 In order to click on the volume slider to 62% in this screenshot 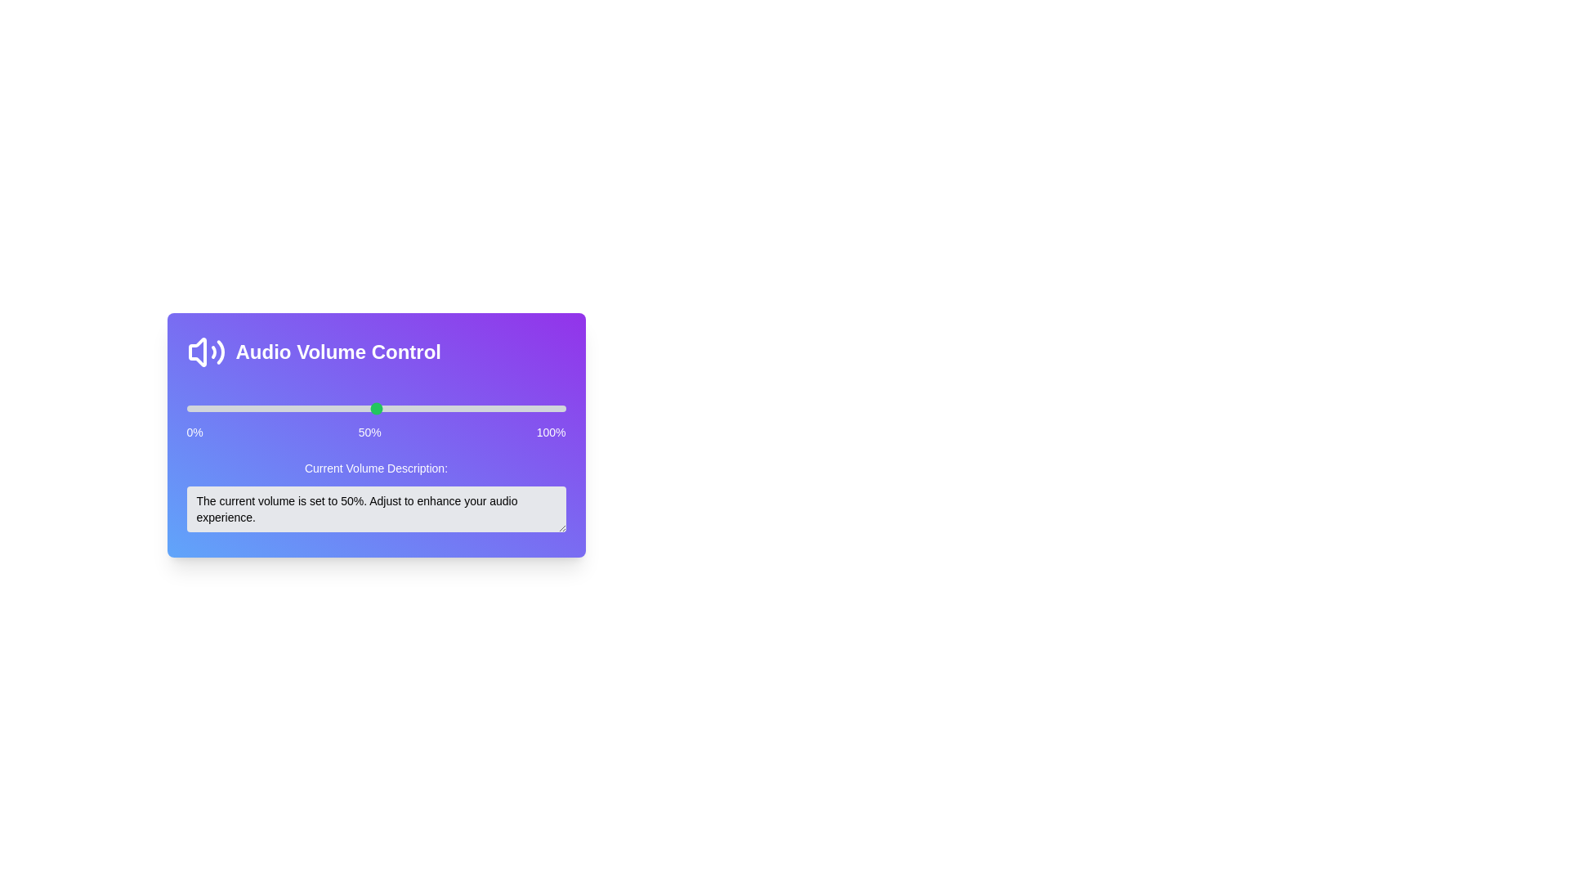, I will do `click(422, 408)`.